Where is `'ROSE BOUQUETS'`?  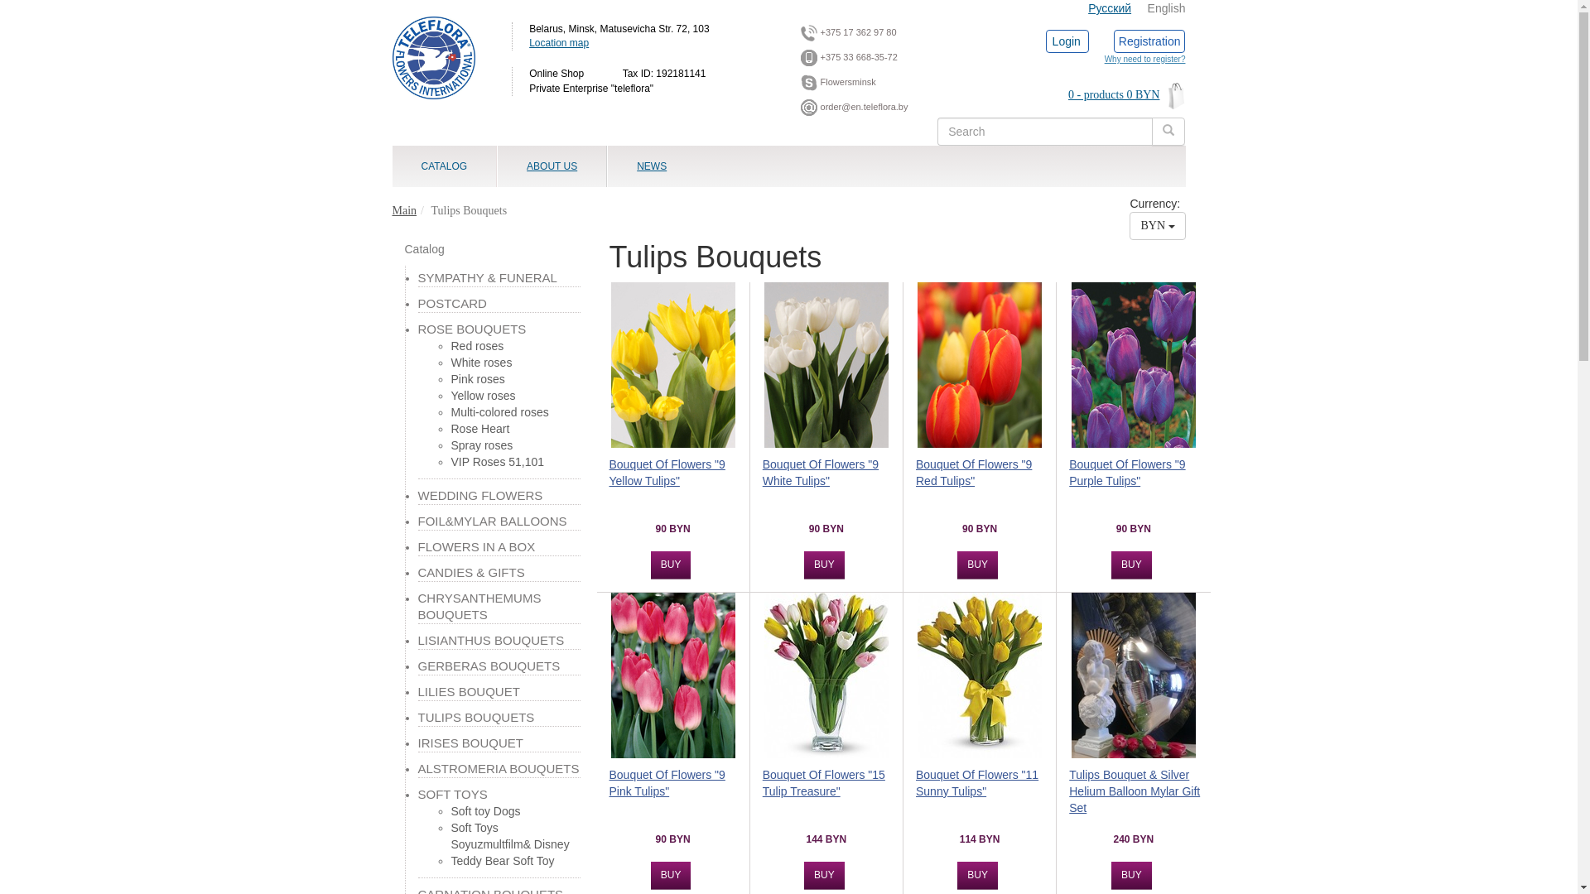 'ROSE BOUQUETS' is located at coordinates (470, 329).